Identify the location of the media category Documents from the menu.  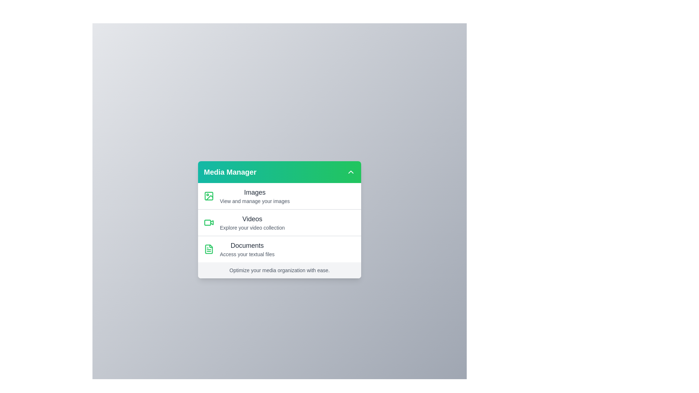
(279, 249).